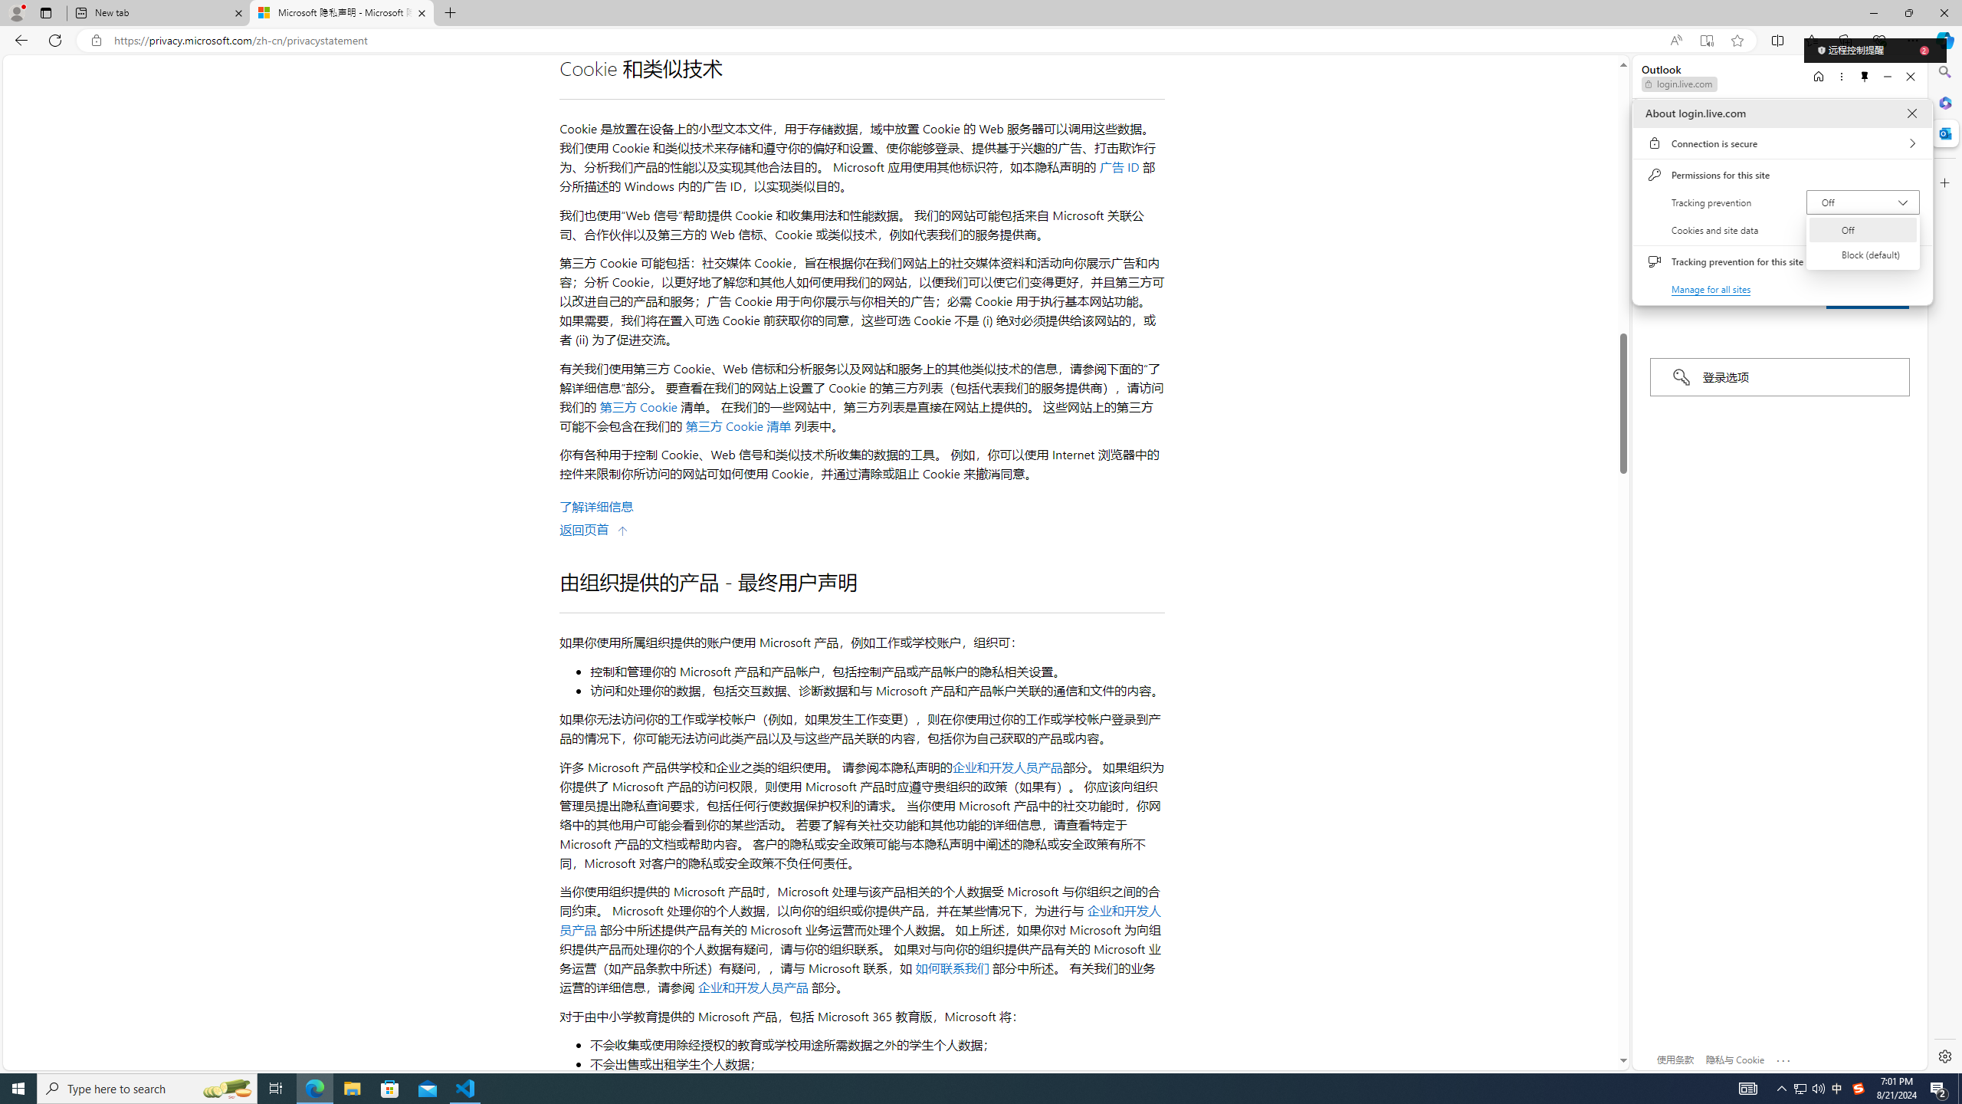 This screenshot has height=1104, width=1962. What do you see at coordinates (313, 1087) in the screenshot?
I see `'Microsoft Edge - 1 running window'` at bounding box center [313, 1087].